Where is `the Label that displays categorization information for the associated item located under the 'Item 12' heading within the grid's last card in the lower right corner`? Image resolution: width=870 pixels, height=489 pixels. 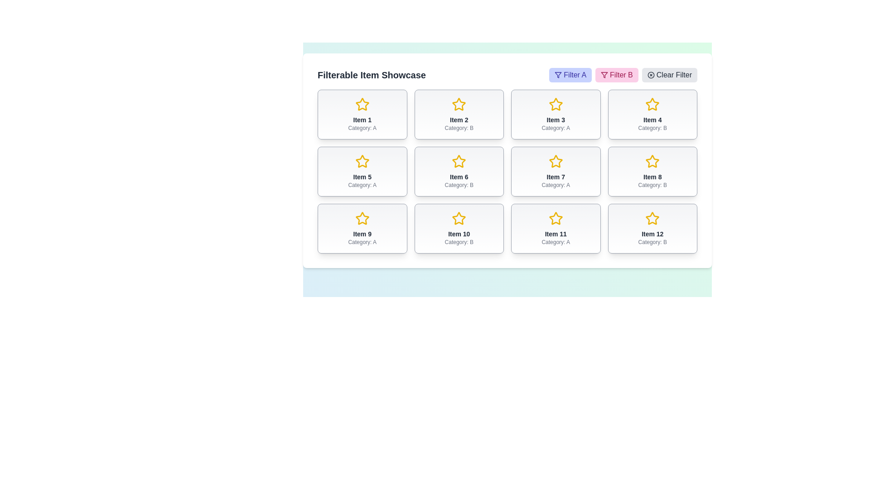 the Label that displays categorization information for the associated item located under the 'Item 12' heading within the grid's last card in the lower right corner is located at coordinates (652, 242).